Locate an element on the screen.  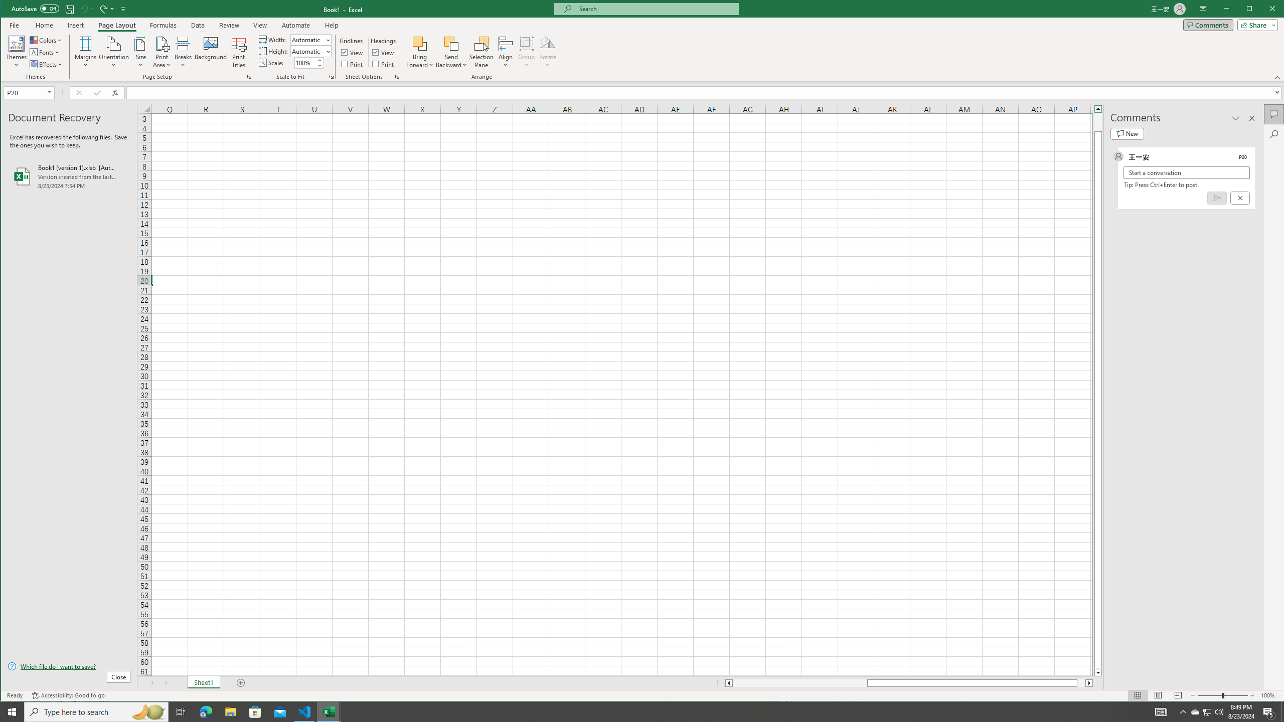
'More' is located at coordinates (384, 64).